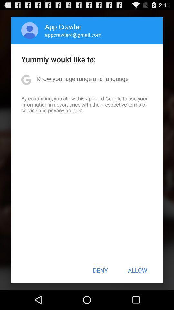  Describe the element at coordinates (100, 270) in the screenshot. I see `icon at the bottom` at that location.